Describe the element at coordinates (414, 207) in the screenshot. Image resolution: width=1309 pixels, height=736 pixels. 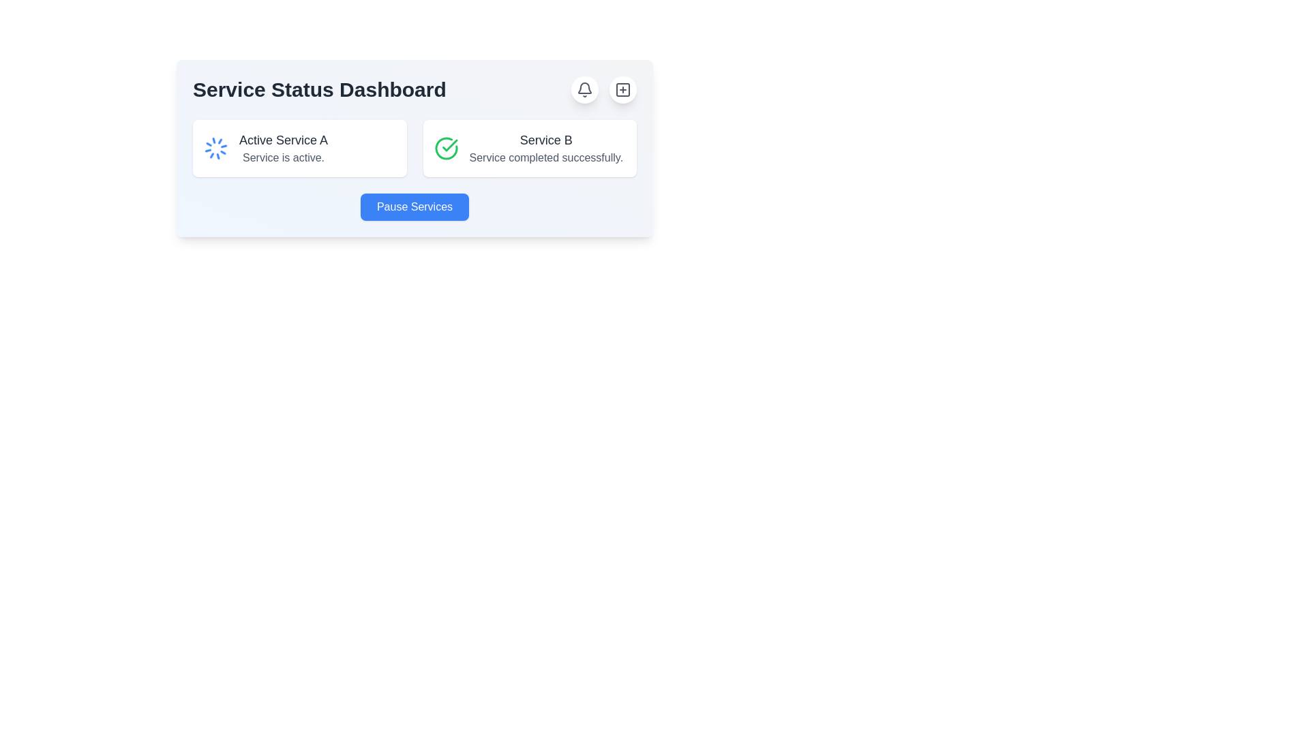
I see `the pause button located centrally in the lower section of the 'Service Status Dashboard' interface` at that location.